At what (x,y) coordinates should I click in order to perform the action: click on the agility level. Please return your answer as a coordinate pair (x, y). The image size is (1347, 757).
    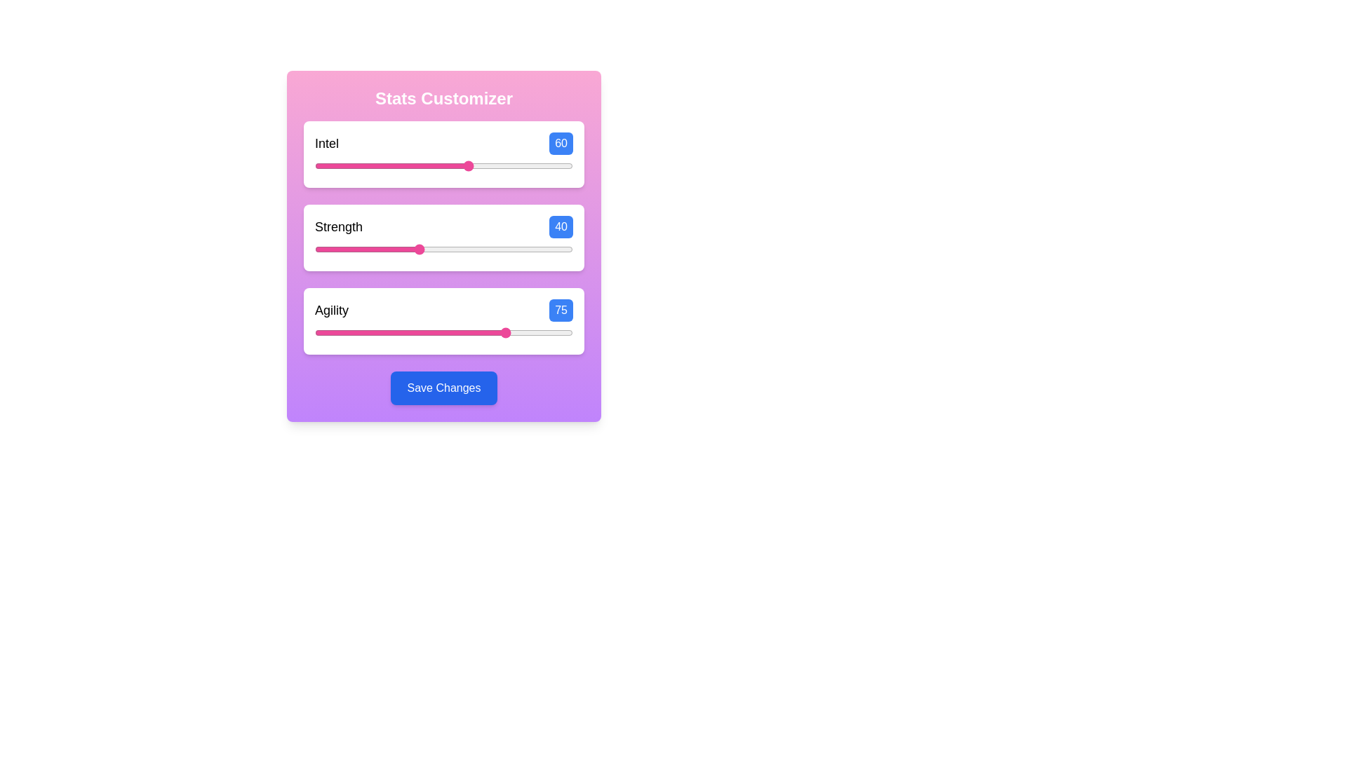
    Looking at the image, I should click on (402, 332).